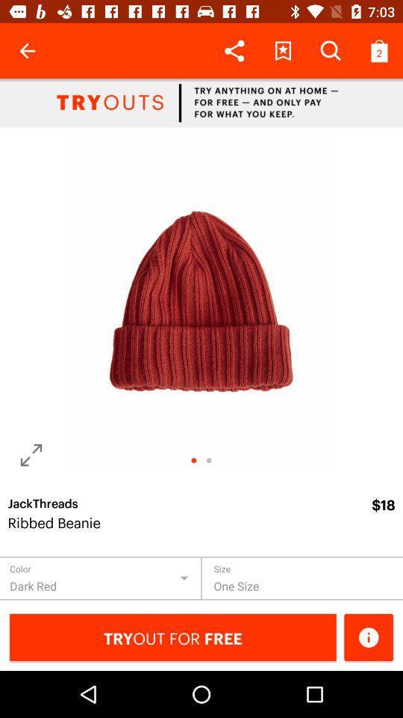 Image resolution: width=403 pixels, height=718 pixels. What do you see at coordinates (31, 454) in the screenshot?
I see `change angle of photo` at bounding box center [31, 454].